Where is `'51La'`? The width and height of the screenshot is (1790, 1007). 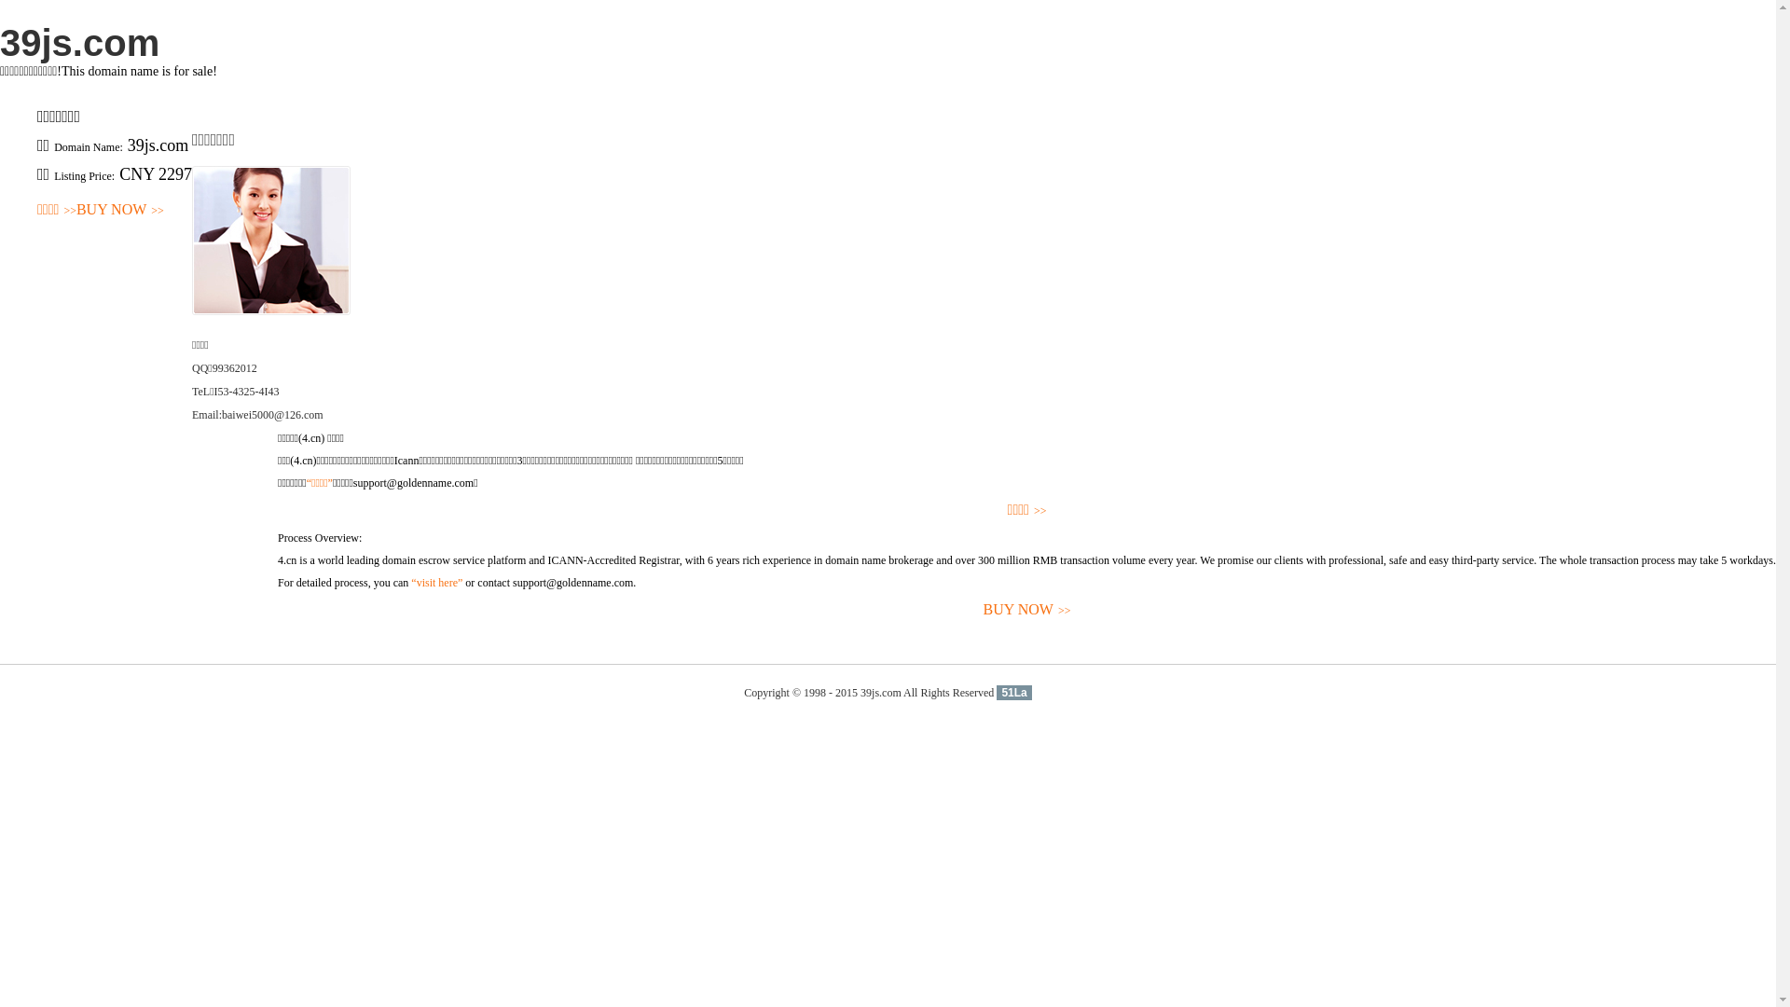
'51La' is located at coordinates (1012, 693).